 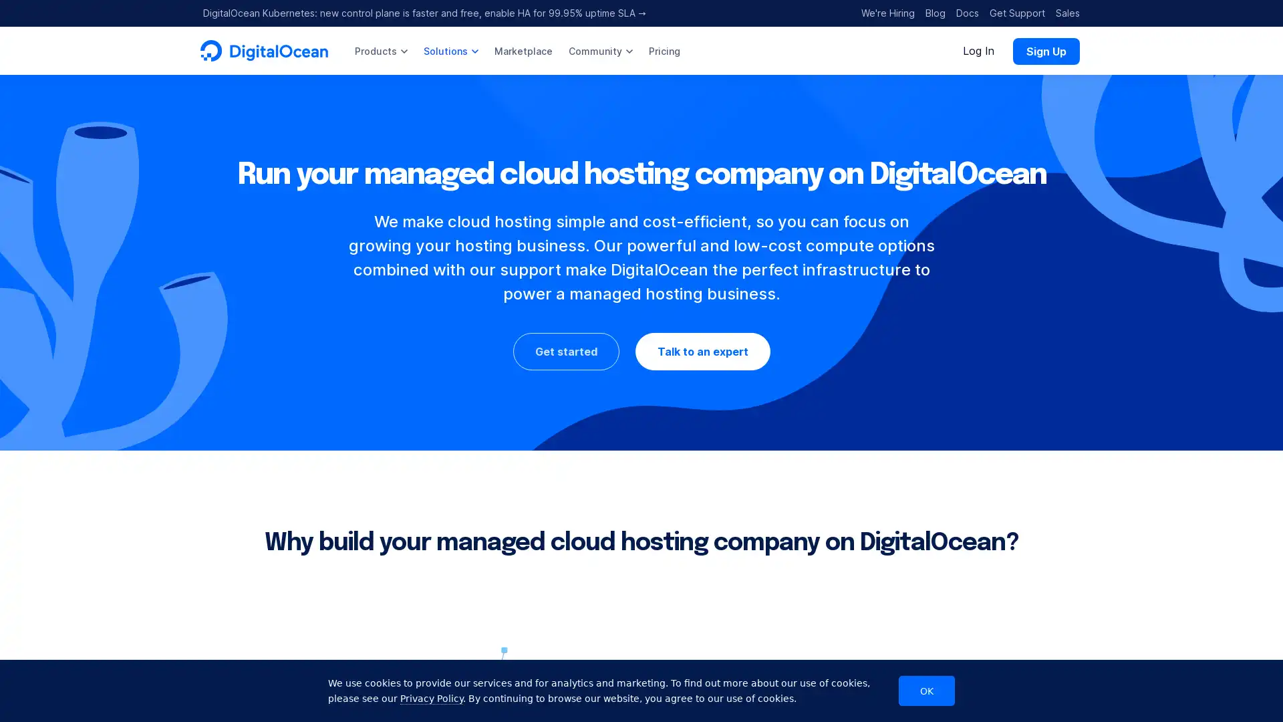 What do you see at coordinates (1045, 50) in the screenshot?
I see `Sign Up` at bounding box center [1045, 50].